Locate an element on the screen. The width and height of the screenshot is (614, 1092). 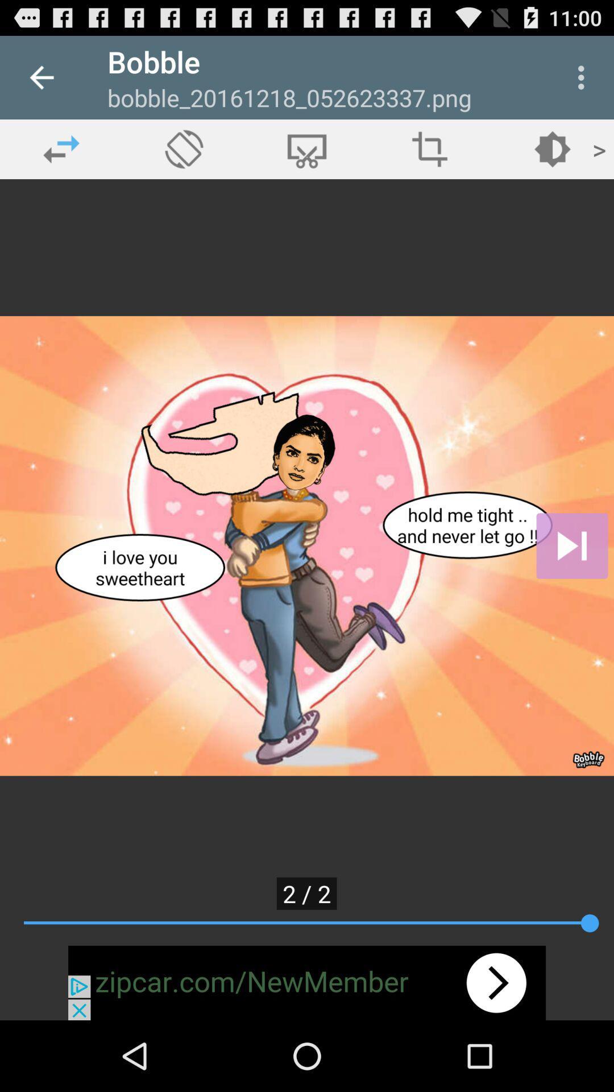
advertisements image is located at coordinates (307, 982).